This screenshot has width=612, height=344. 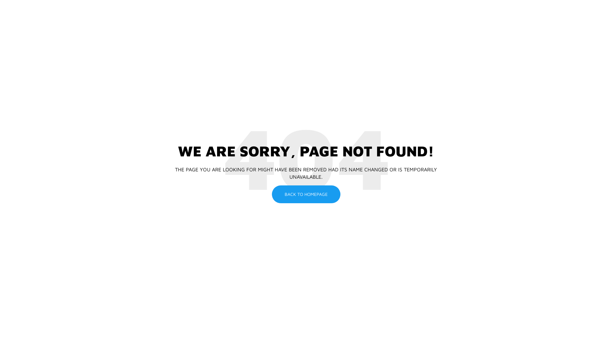 I want to click on 'BACK TO HOMEPAGE', so click(x=305, y=194).